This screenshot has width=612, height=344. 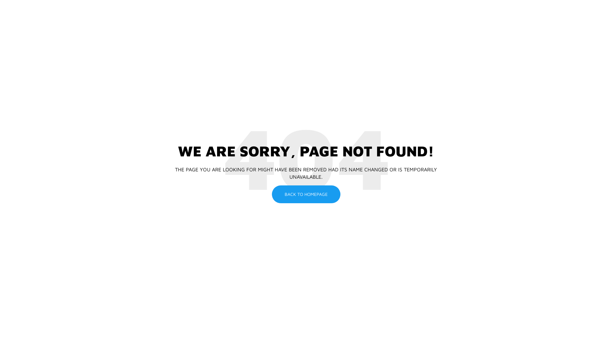 I want to click on 'BACK TO HOMEPAGE', so click(x=305, y=194).